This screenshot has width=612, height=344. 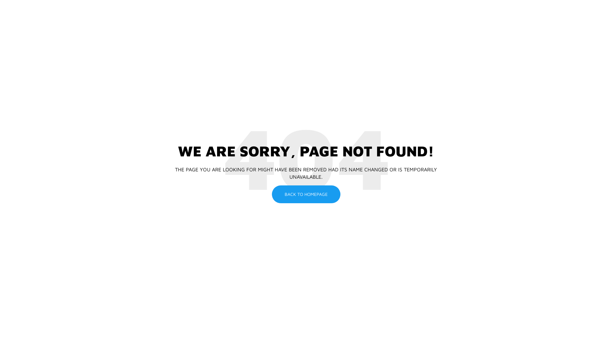 I want to click on 'BACK TO HOMEPAGE', so click(x=305, y=194).